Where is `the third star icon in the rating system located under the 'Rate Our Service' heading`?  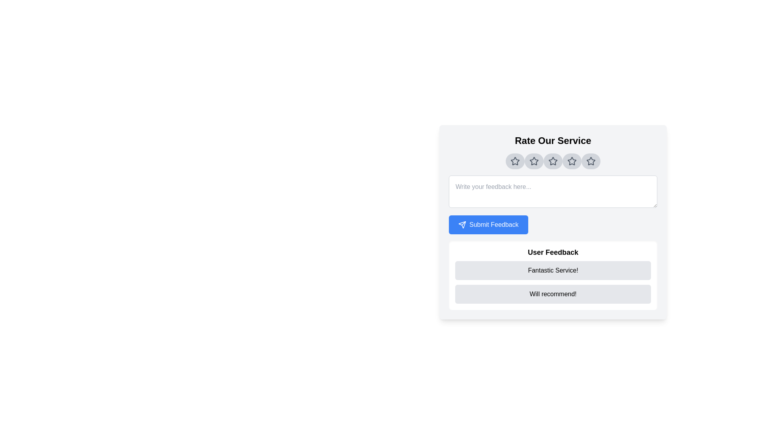 the third star icon in the rating system located under the 'Rate Our Service' heading is located at coordinates (552, 161).